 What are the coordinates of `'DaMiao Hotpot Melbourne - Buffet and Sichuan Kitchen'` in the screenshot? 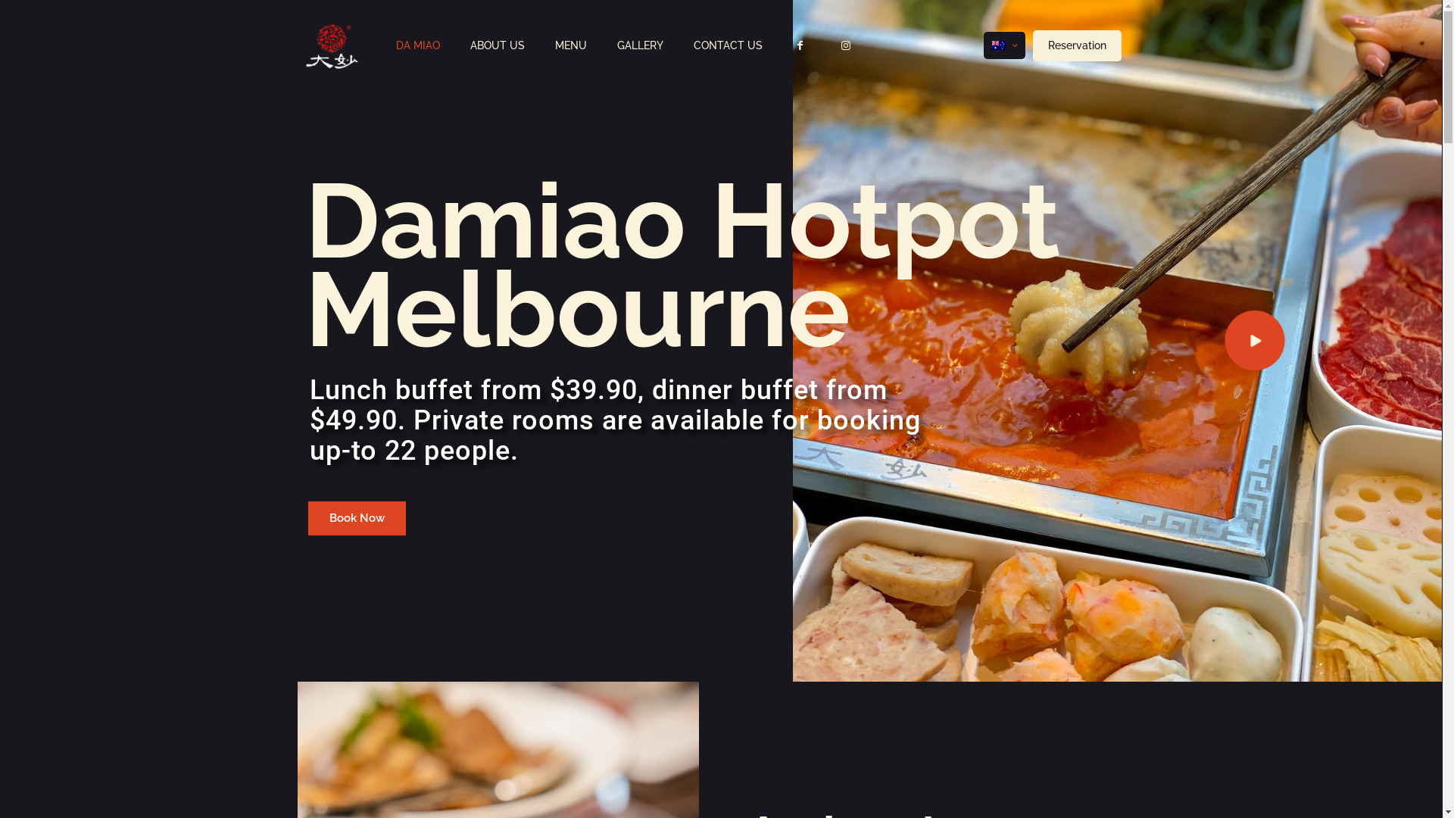 It's located at (304, 45).